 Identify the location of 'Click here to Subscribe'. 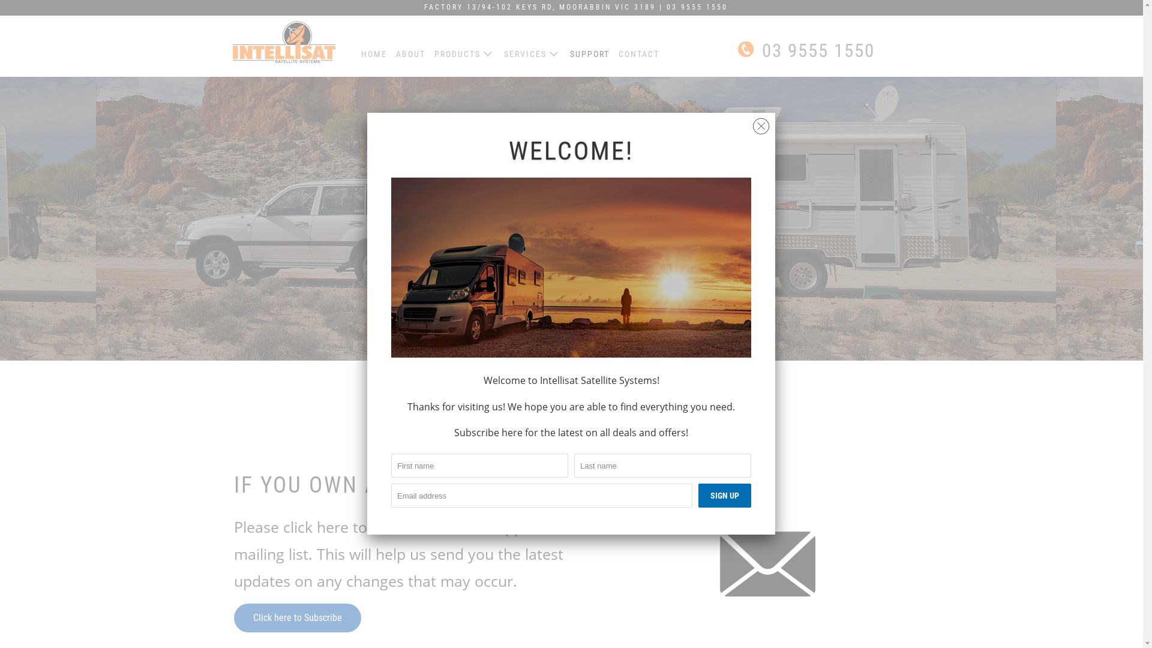
(297, 617).